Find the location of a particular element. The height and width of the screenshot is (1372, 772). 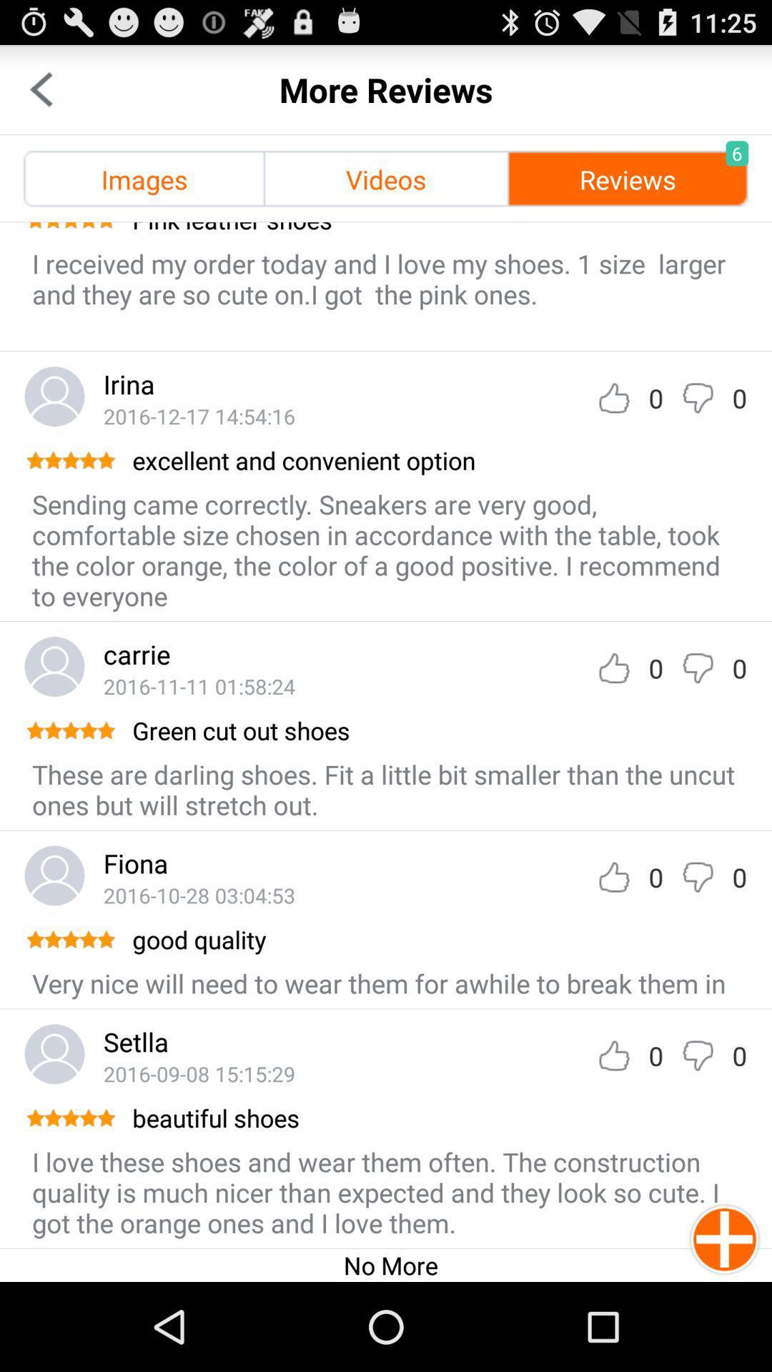

press to dislike is located at coordinates (697, 667).